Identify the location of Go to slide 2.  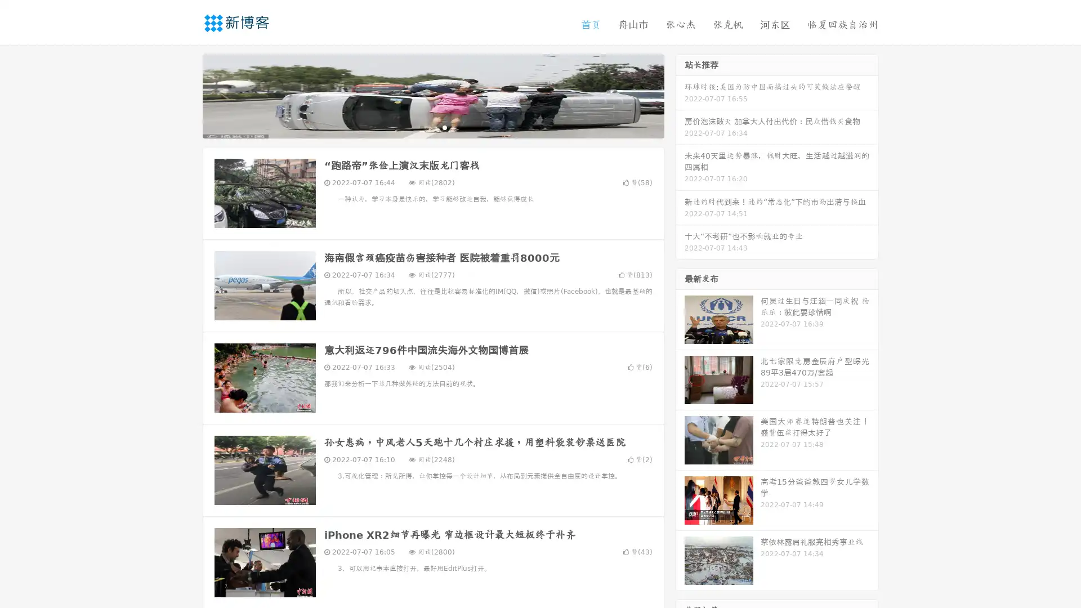
(432, 127).